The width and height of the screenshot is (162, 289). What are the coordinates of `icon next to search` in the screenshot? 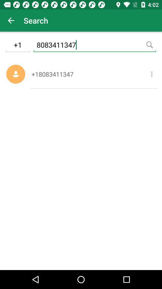 It's located at (11, 20).